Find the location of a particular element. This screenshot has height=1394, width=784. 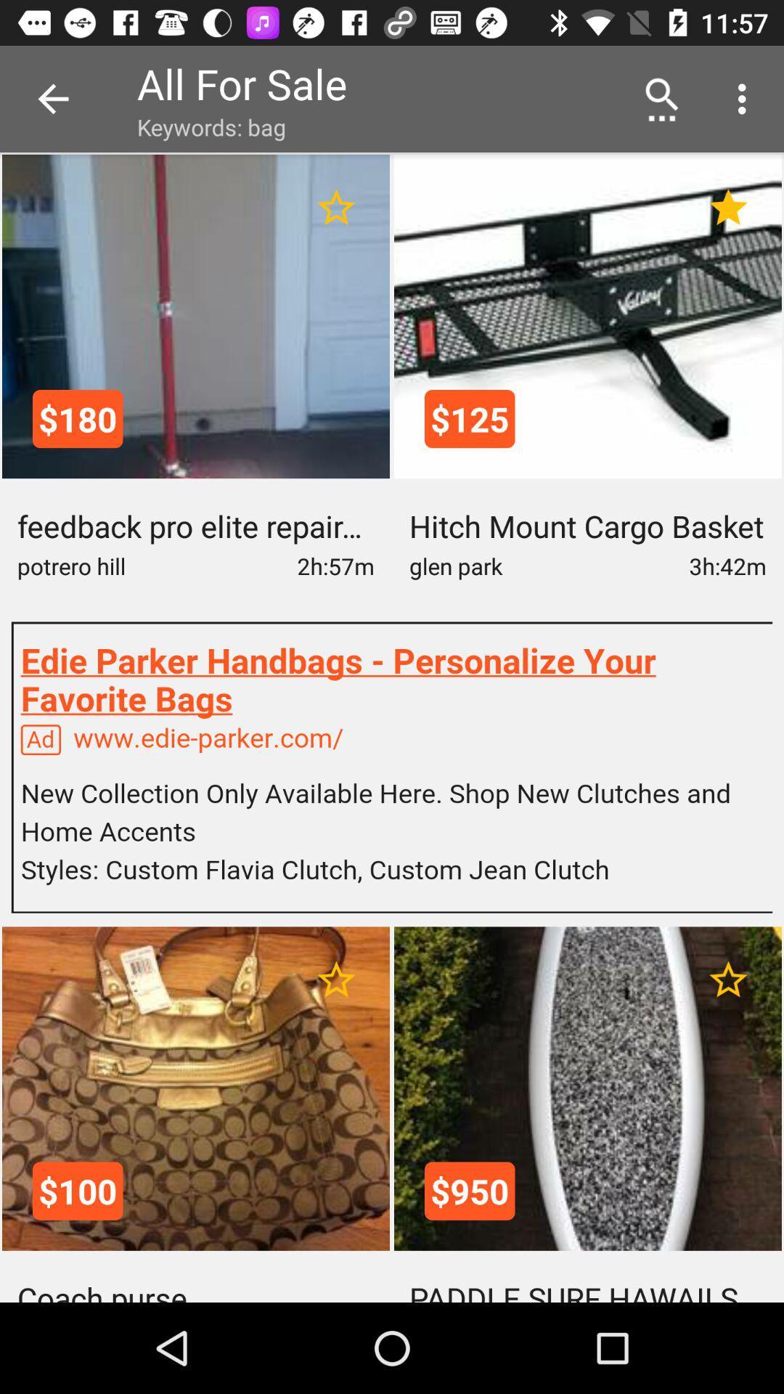

to favorites is located at coordinates (336, 979).